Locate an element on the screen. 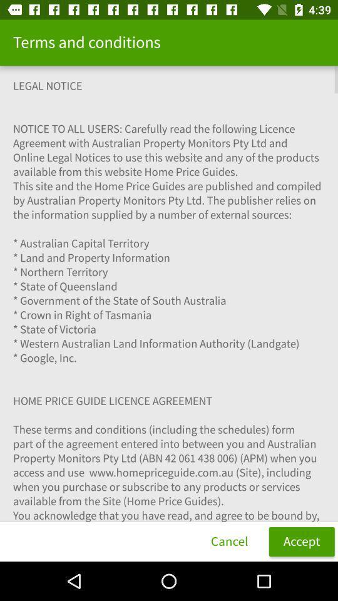  item next to the accept item is located at coordinates (228, 541).